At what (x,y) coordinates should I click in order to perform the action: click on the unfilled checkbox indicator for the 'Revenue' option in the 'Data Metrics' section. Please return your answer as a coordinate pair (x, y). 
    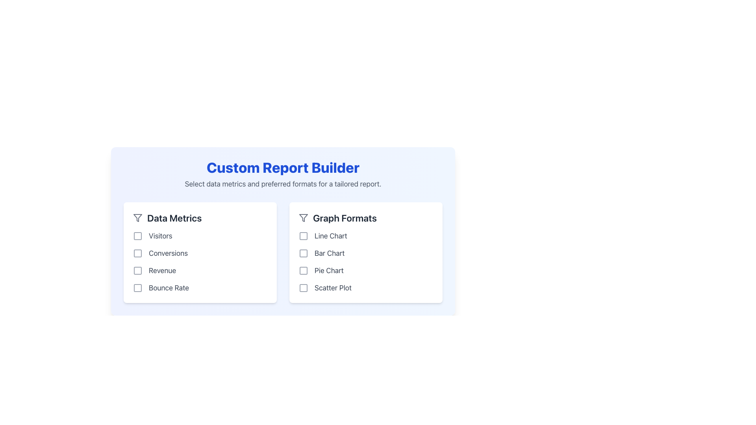
    Looking at the image, I should click on (138, 270).